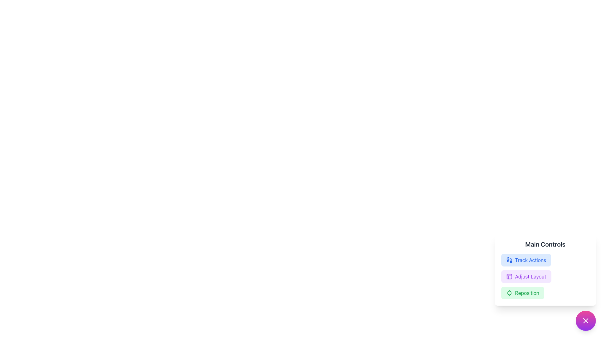 The width and height of the screenshot is (606, 341). I want to click on the second button in the vertical group of buttons titled 'Main Controls', which is the 'Adjust Layout' button, so click(545, 276).